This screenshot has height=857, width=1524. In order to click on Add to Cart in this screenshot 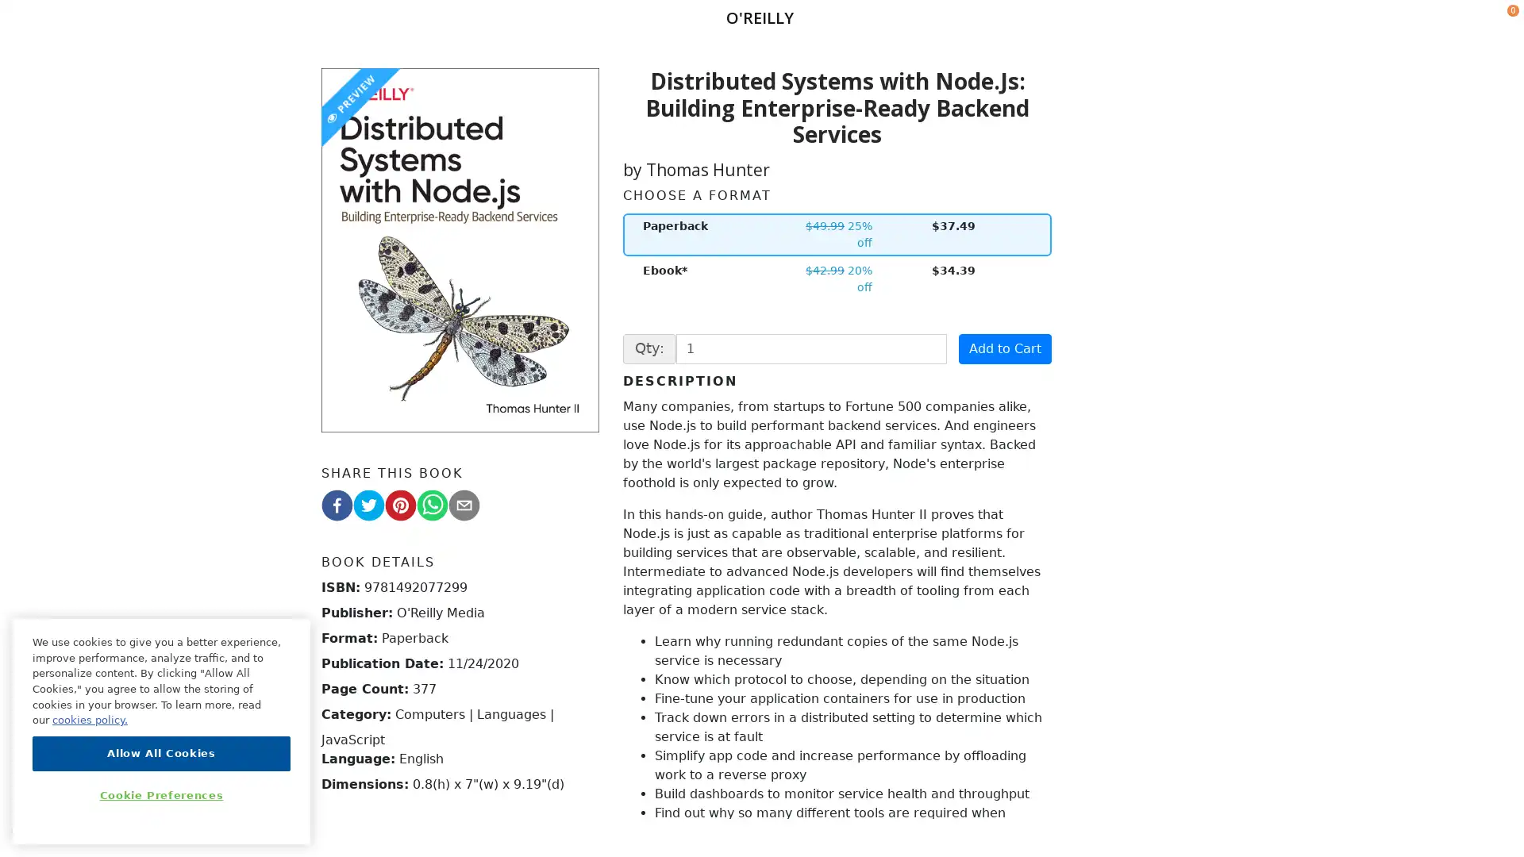, I will do `click(1004, 348)`.